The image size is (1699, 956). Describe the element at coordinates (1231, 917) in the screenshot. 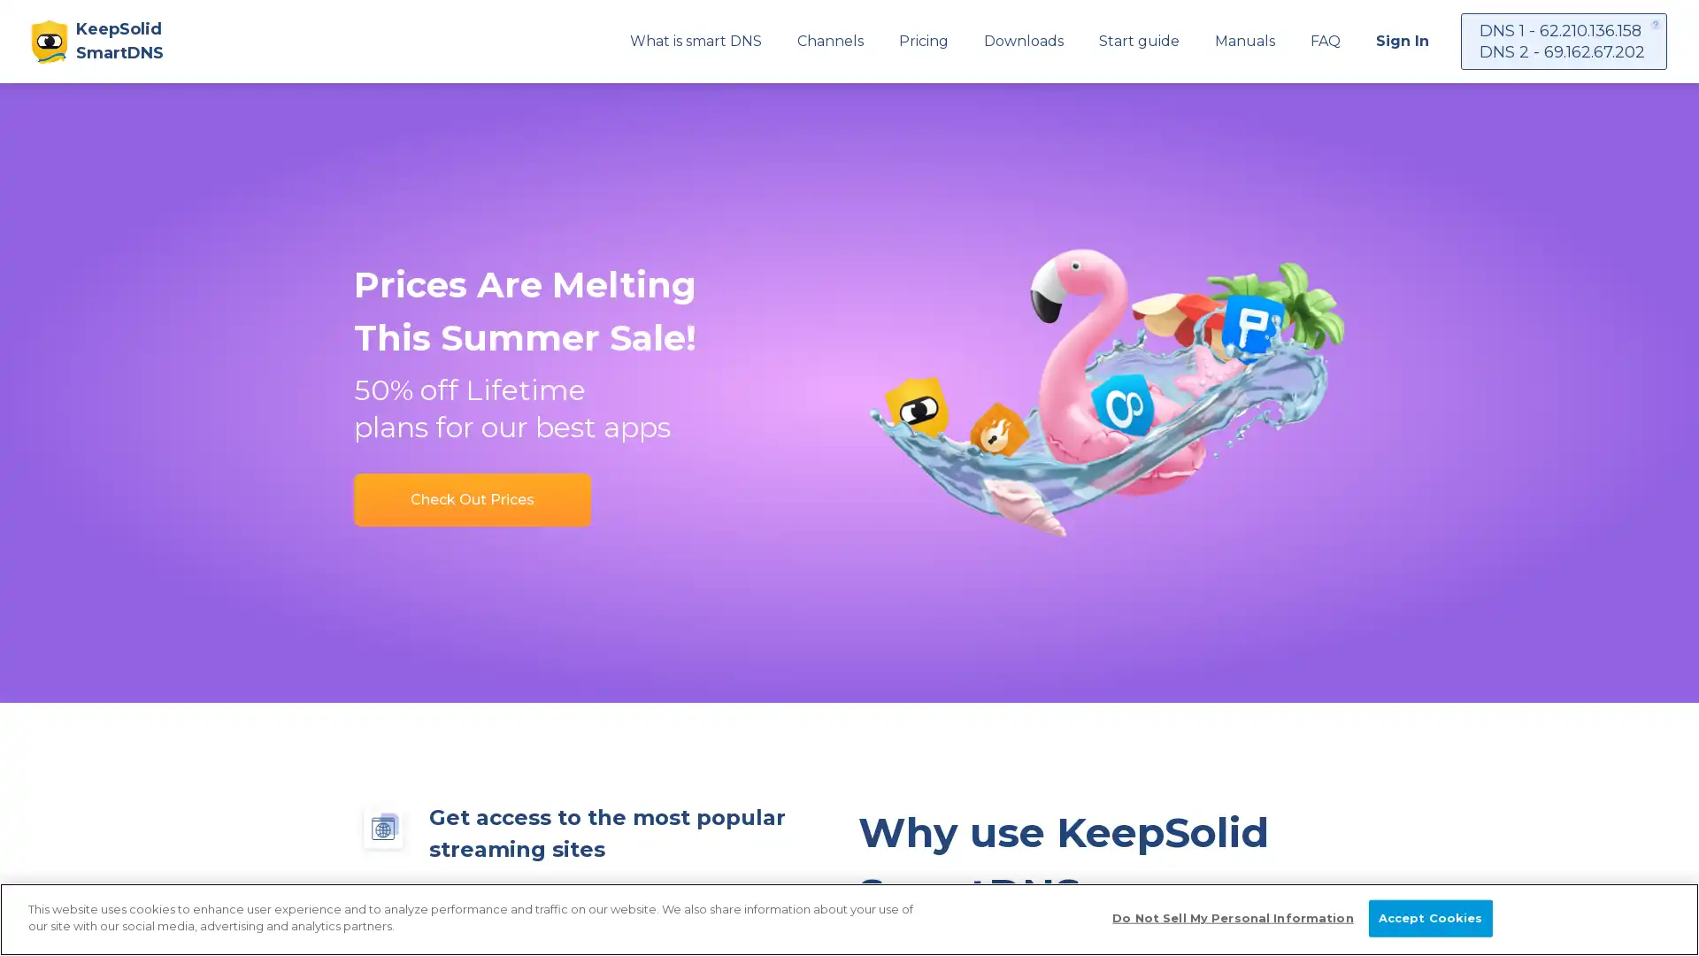

I see `Do Not Sell My Personal Information` at that location.